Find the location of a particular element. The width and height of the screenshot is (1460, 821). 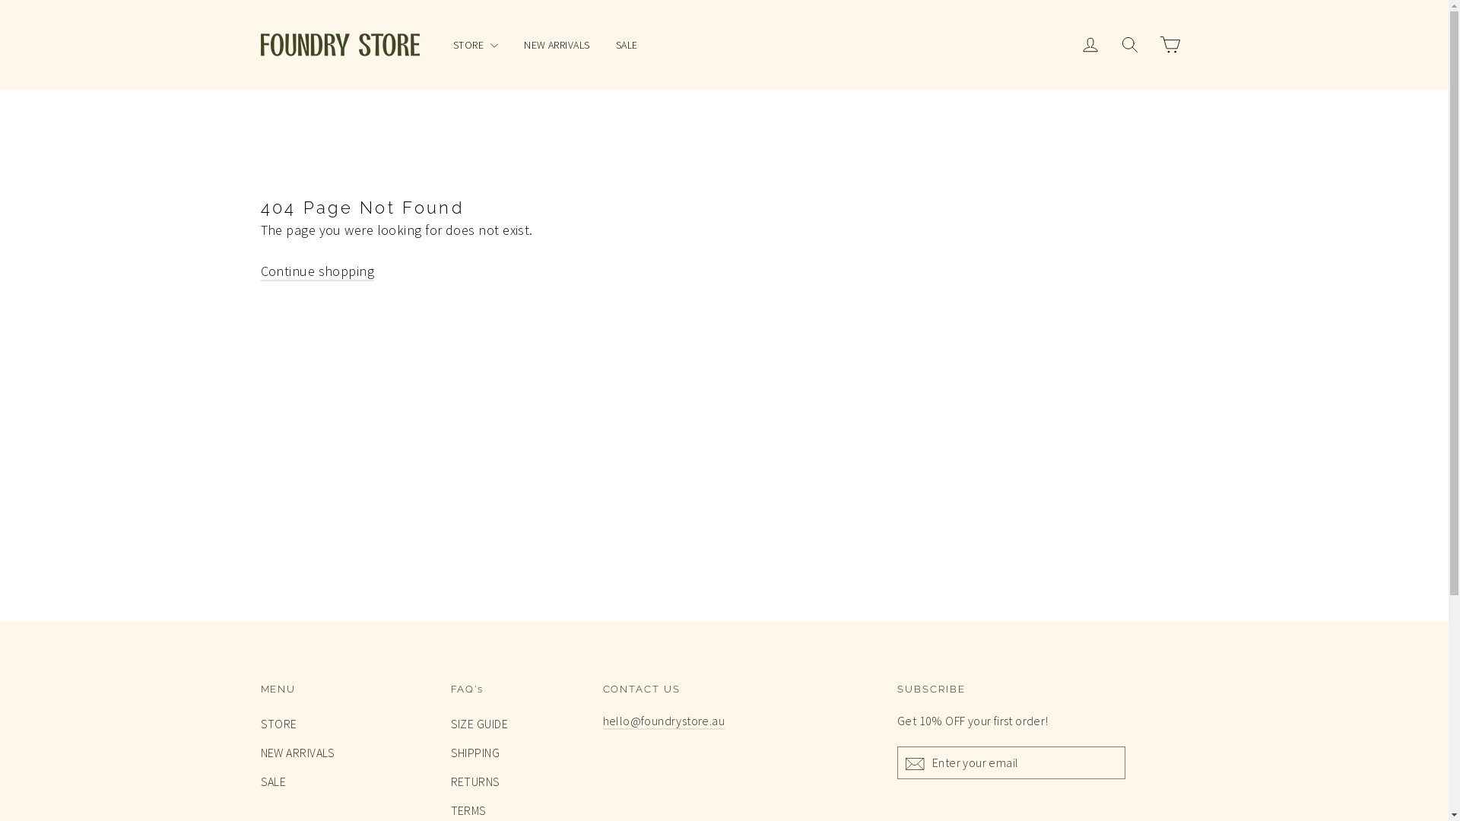

'SIZE GUIDE' is located at coordinates (514, 723).